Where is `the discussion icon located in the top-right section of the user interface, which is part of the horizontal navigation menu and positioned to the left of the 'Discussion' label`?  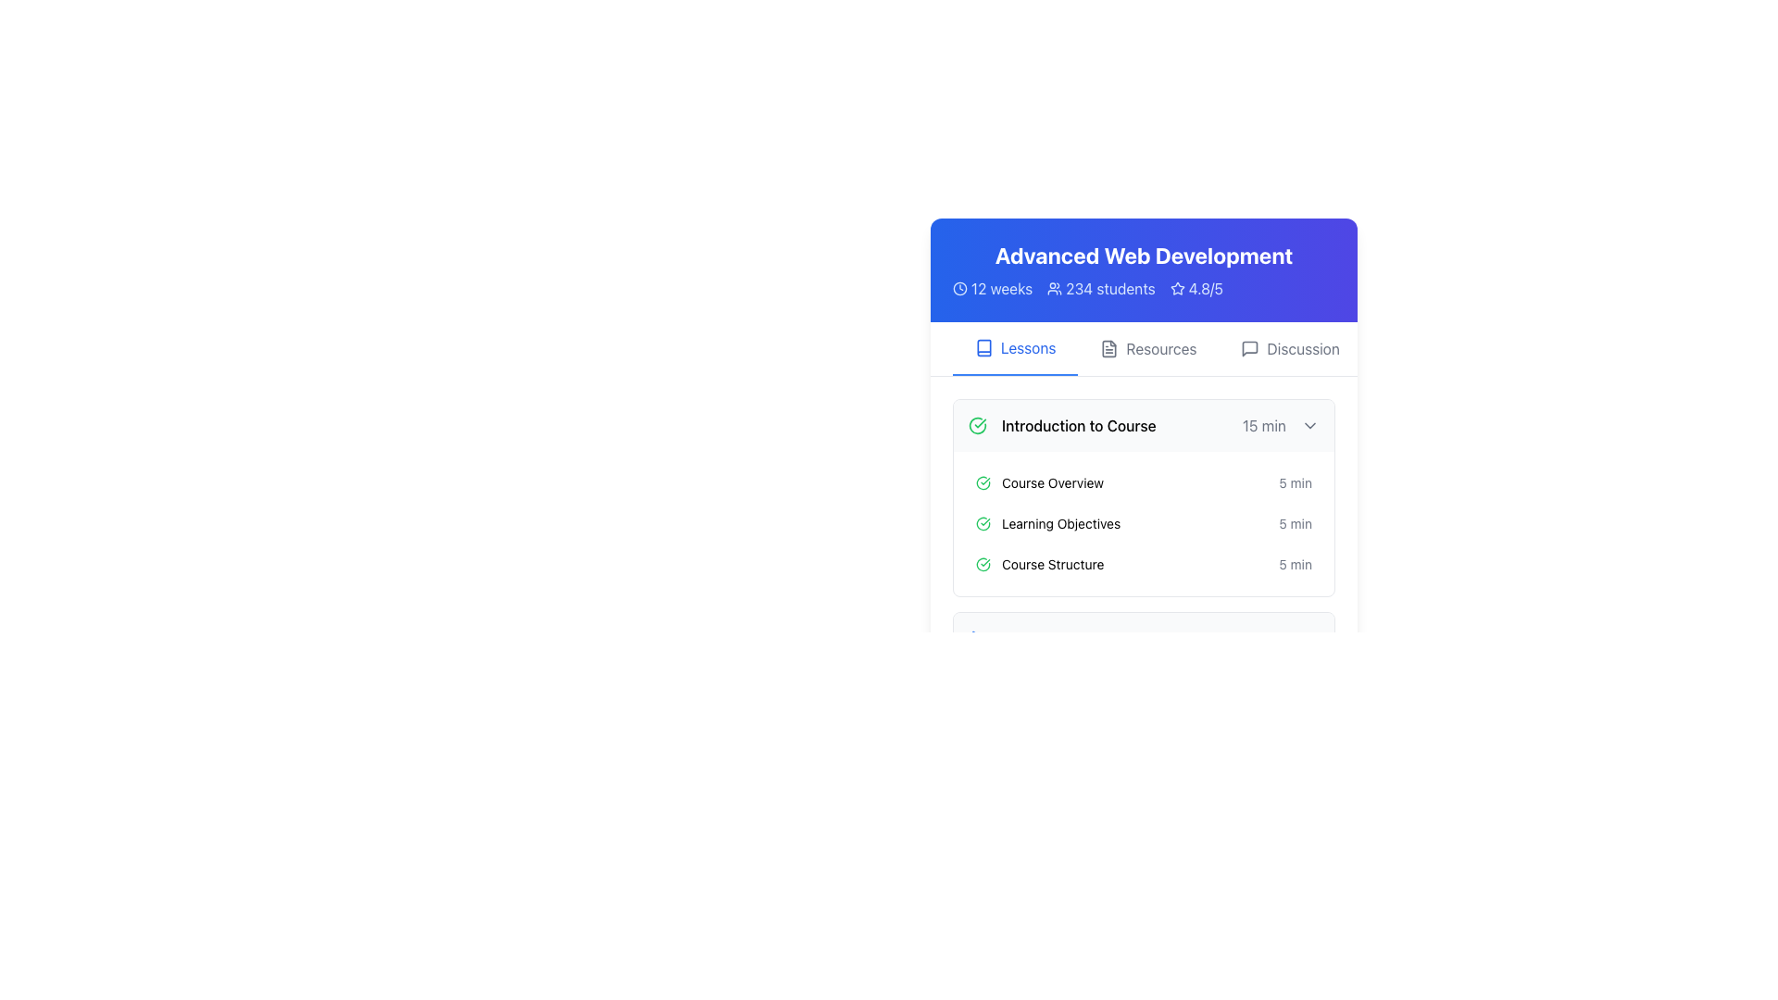 the discussion icon located in the top-right section of the user interface, which is part of the horizontal navigation menu and positioned to the left of the 'Discussion' label is located at coordinates (1250, 349).